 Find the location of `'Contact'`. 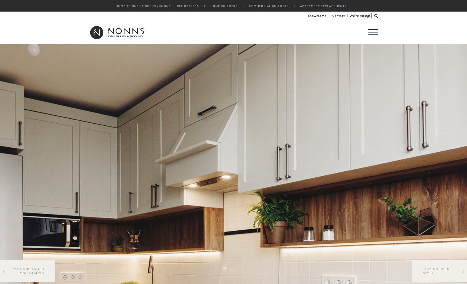

'Contact' is located at coordinates (338, 16).